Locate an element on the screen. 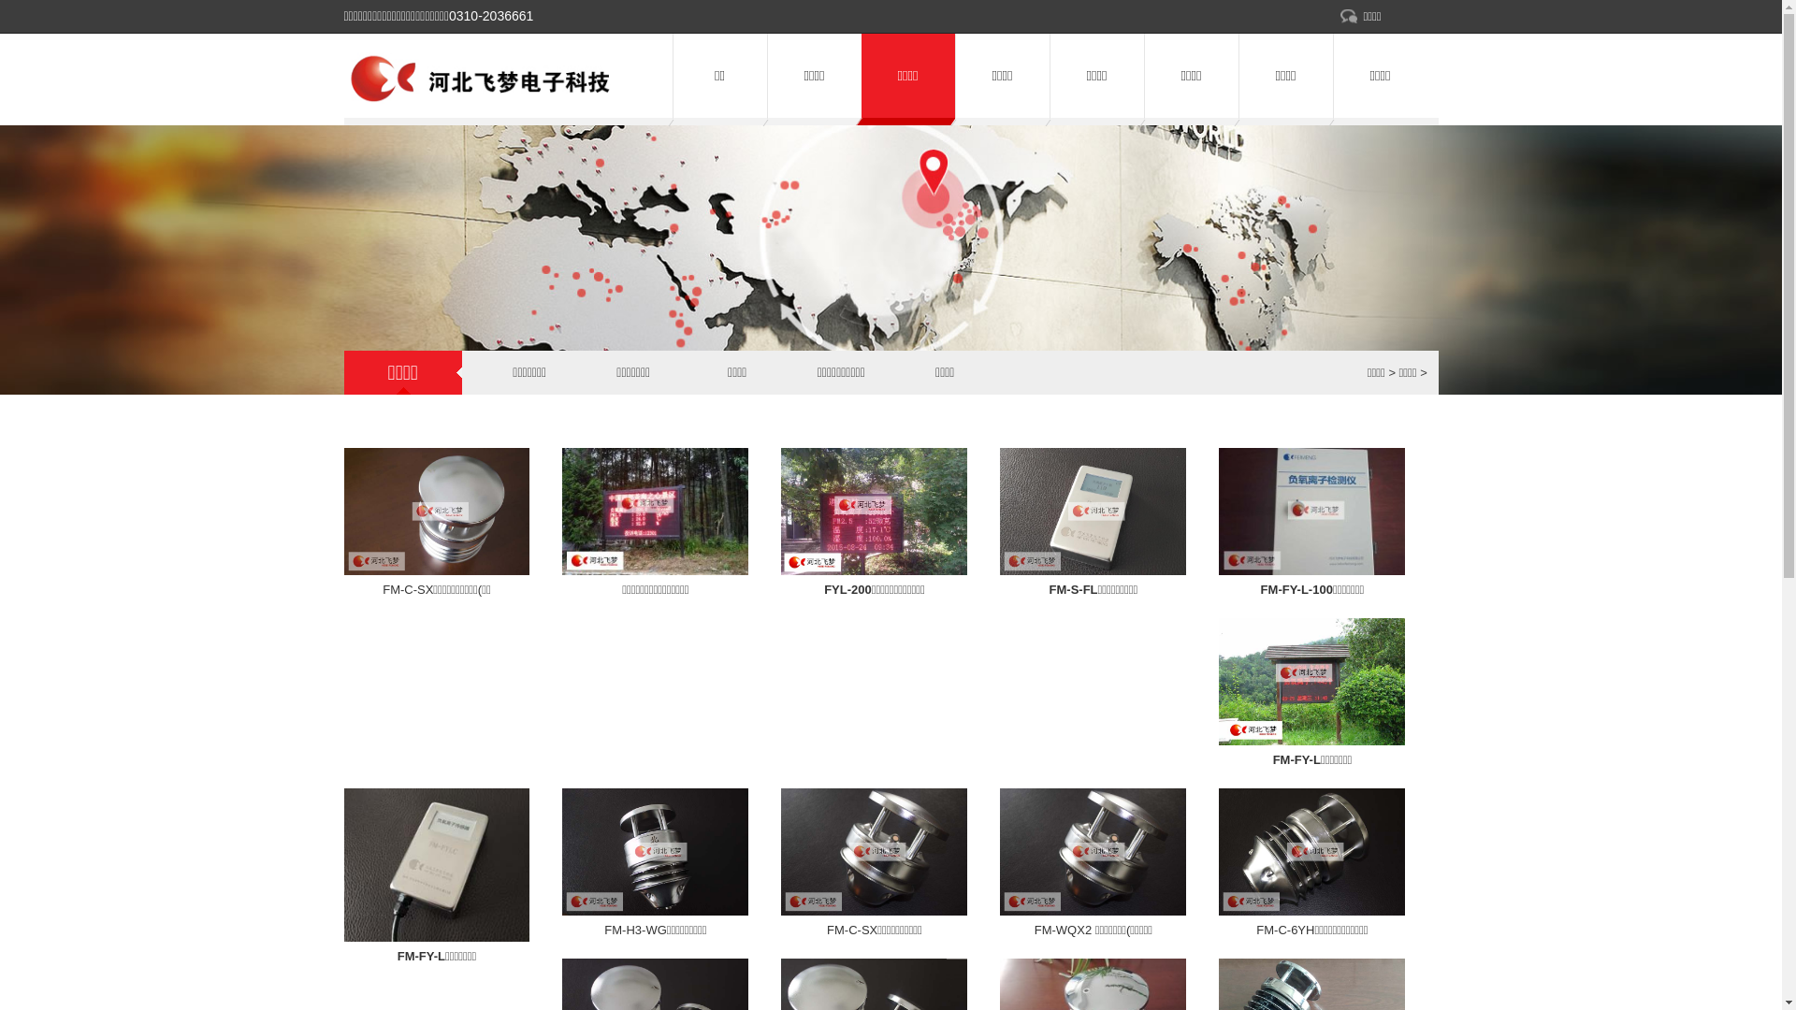 The height and width of the screenshot is (1010, 1796). '0310-2036661' is located at coordinates (449, 15).